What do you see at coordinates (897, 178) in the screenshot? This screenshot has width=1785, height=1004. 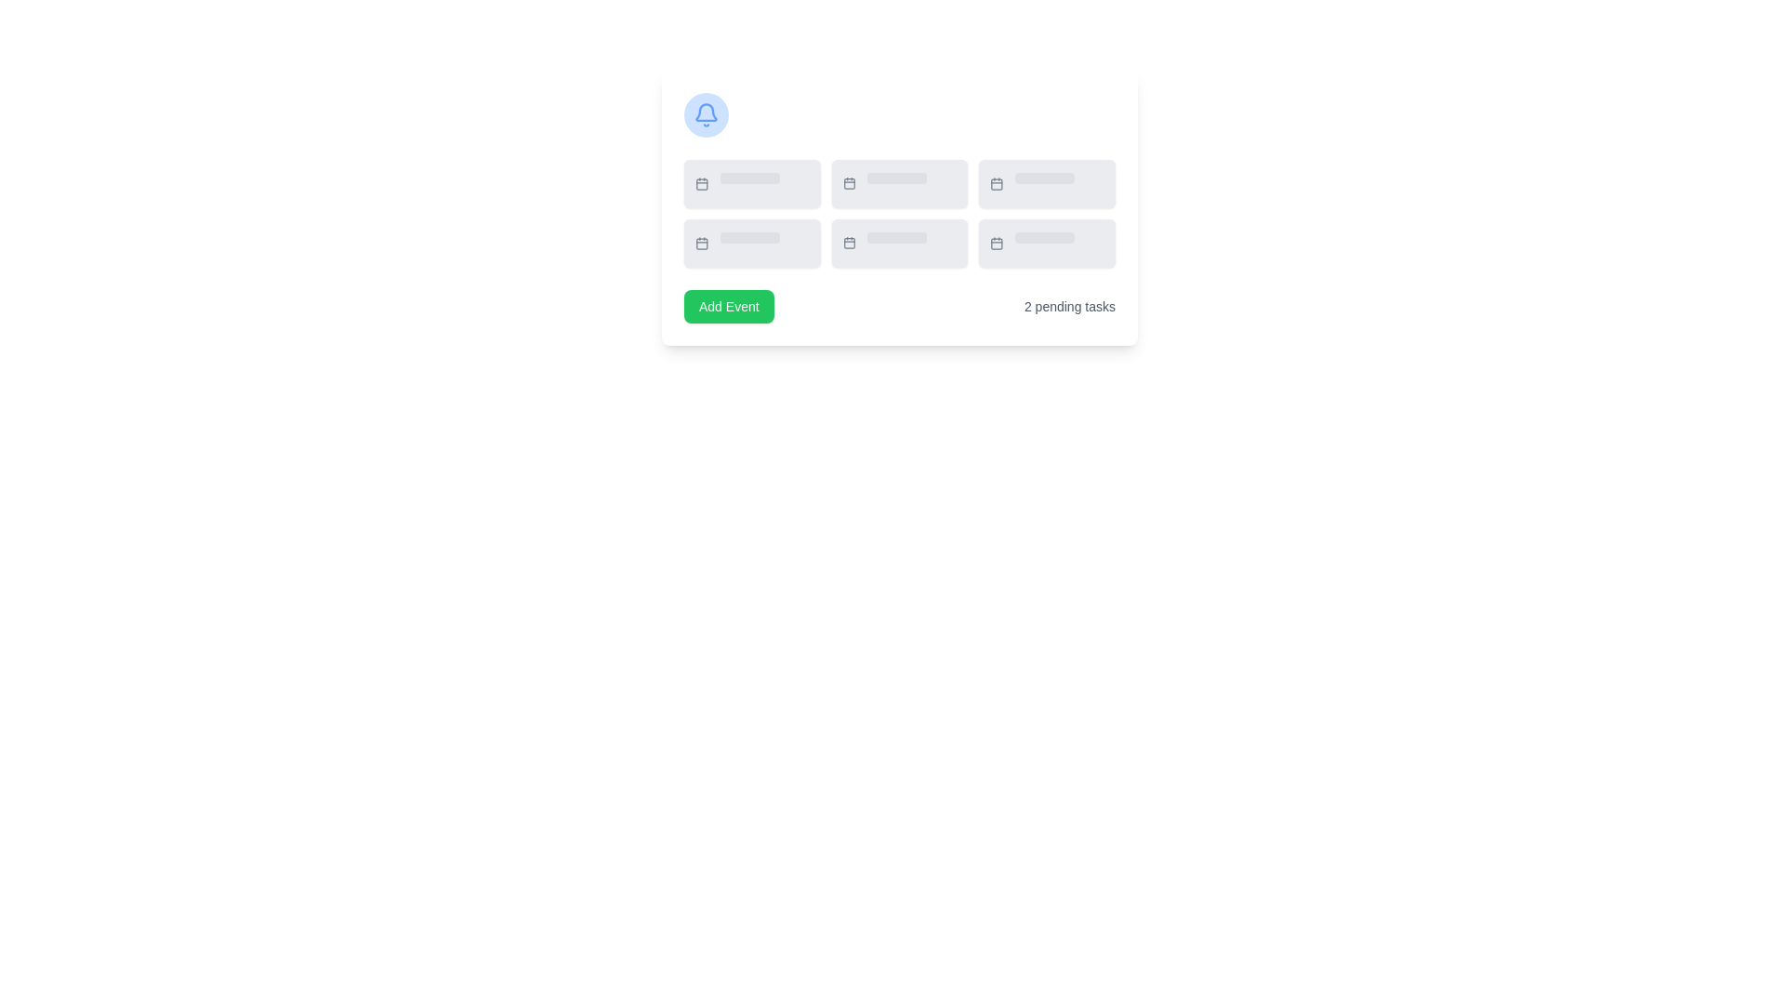 I see `Skeleton placeholder located in the upper section of the card-like item in the middle column of a three-column grid, styled with a light gray background and rounded corners` at bounding box center [897, 178].